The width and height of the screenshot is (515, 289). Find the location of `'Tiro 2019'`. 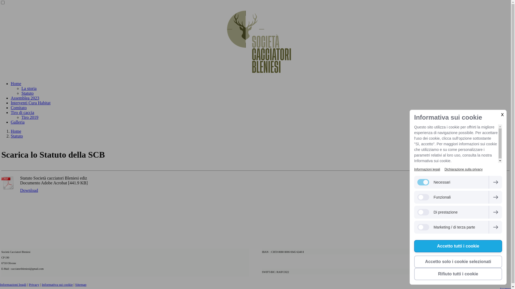

'Tiro 2019' is located at coordinates (30, 117).